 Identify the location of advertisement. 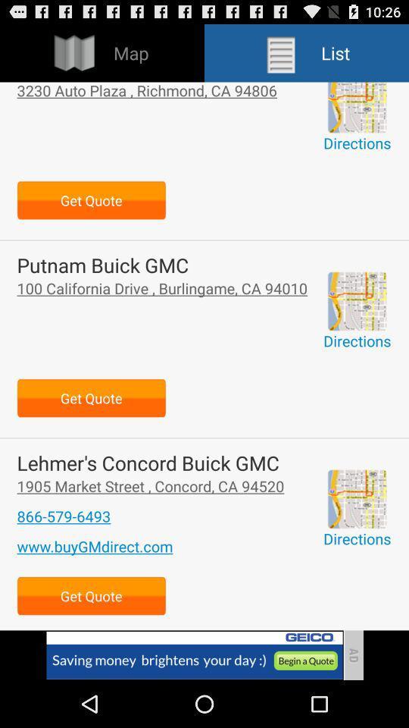
(357, 498).